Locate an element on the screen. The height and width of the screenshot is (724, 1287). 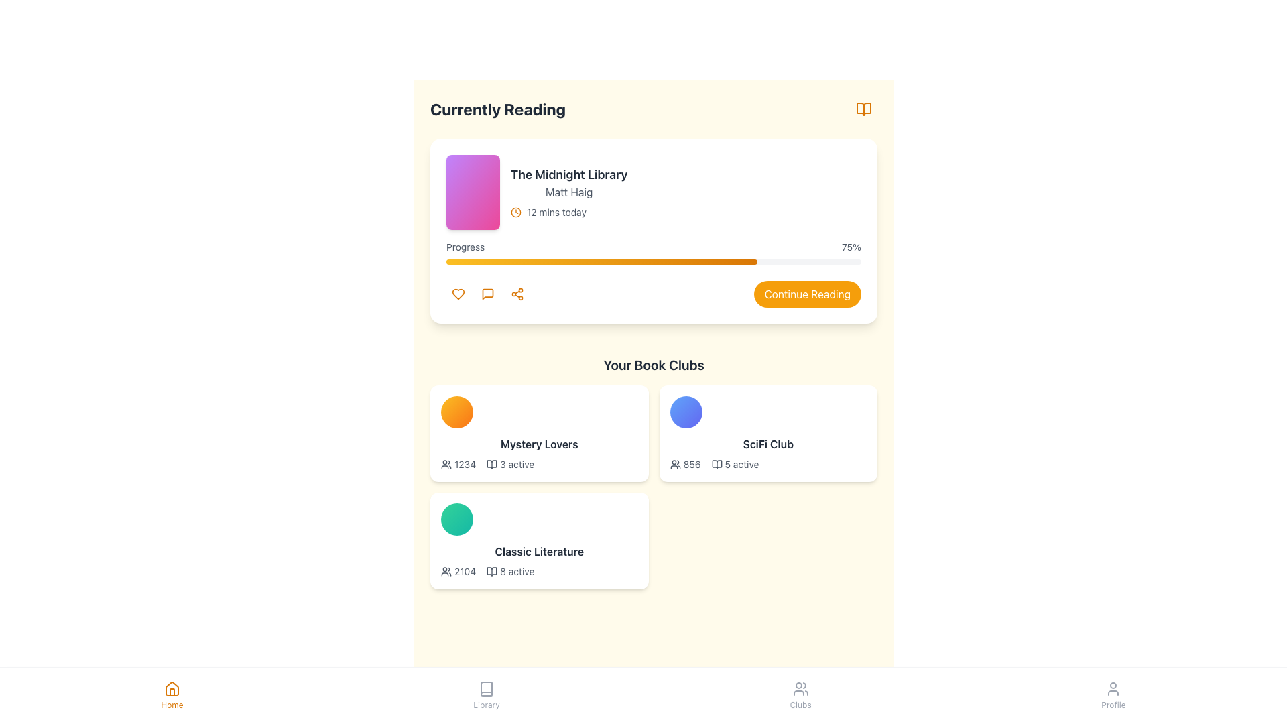
the messaging SVG icon located in the top-right corner of the 'Currently Reading' section is located at coordinates (487, 294).